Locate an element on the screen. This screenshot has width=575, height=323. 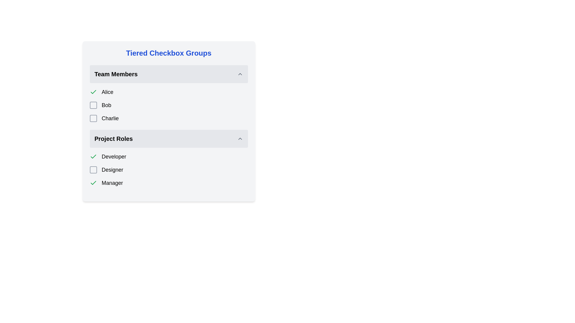
the text label 'Manager' within the 'Project Roles' section is located at coordinates (112, 183).